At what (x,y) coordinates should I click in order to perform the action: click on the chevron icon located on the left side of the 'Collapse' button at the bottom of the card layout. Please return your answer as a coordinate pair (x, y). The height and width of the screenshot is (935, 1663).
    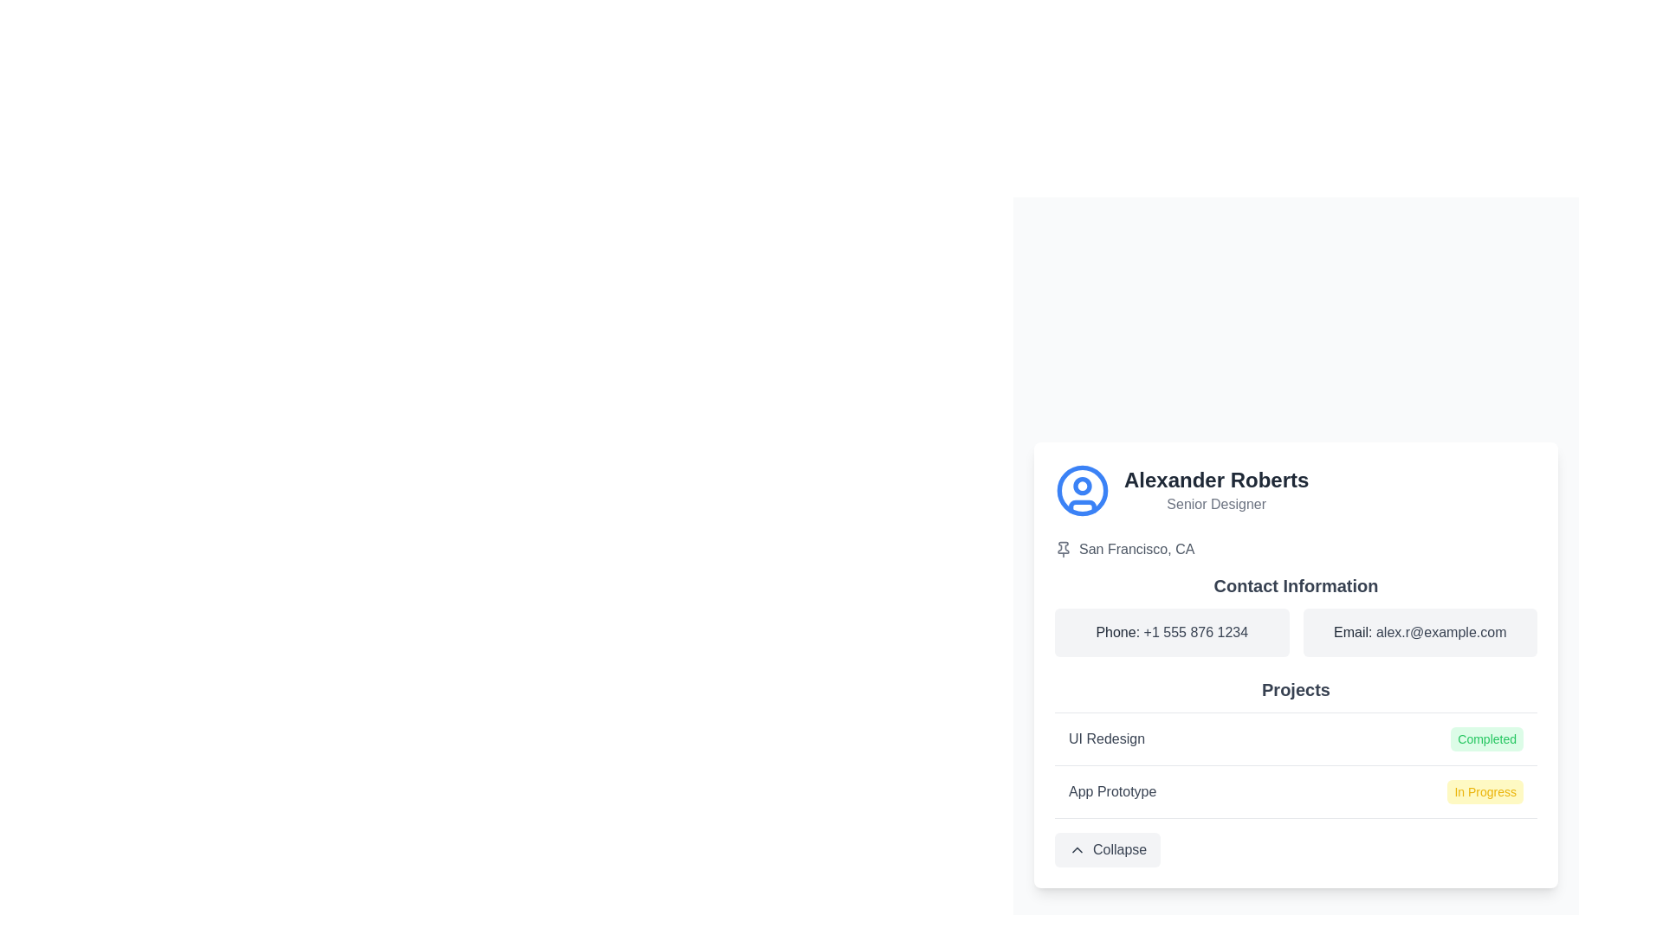
    Looking at the image, I should click on (1076, 848).